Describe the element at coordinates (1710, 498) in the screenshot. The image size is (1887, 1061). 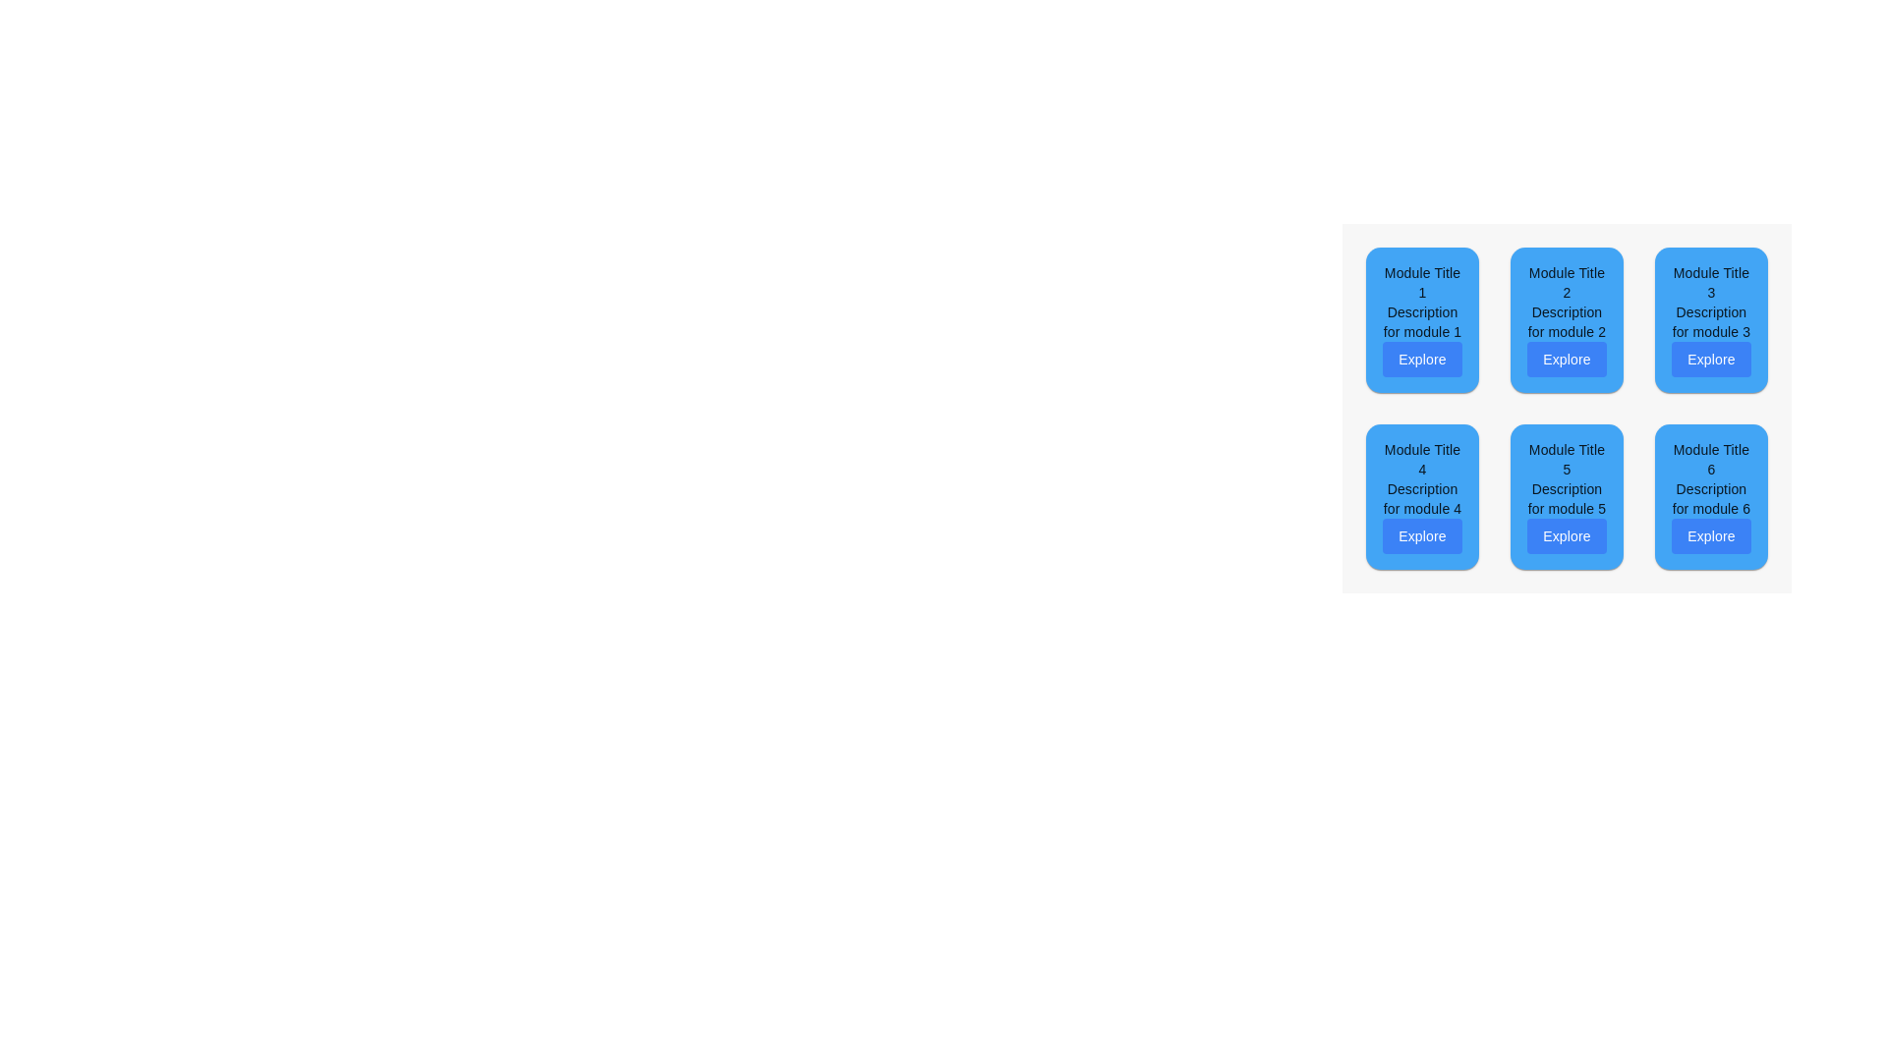
I see `the text block that reads 'Description for module 6', located within the card titled 'Module Title 6', positioned directly below the module title and above the 'Explore' button` at that location.